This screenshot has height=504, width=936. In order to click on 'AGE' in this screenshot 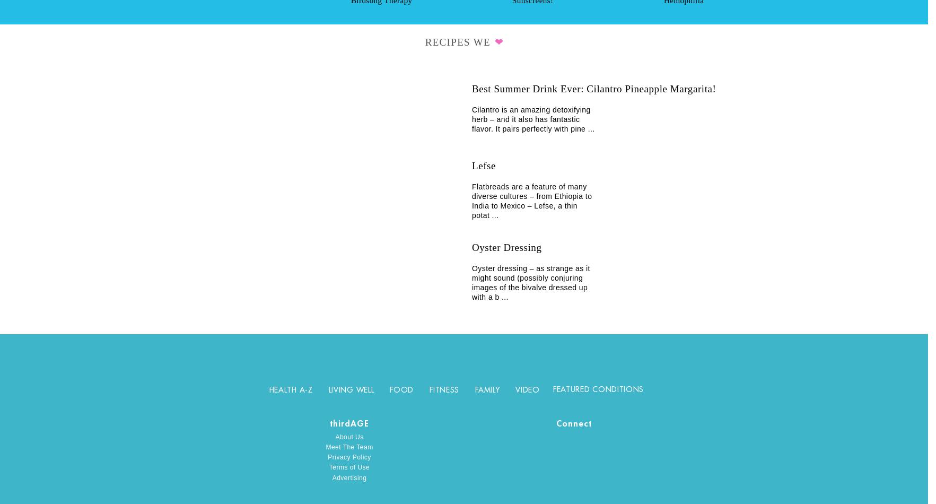, I will do `click(349, 423)`.